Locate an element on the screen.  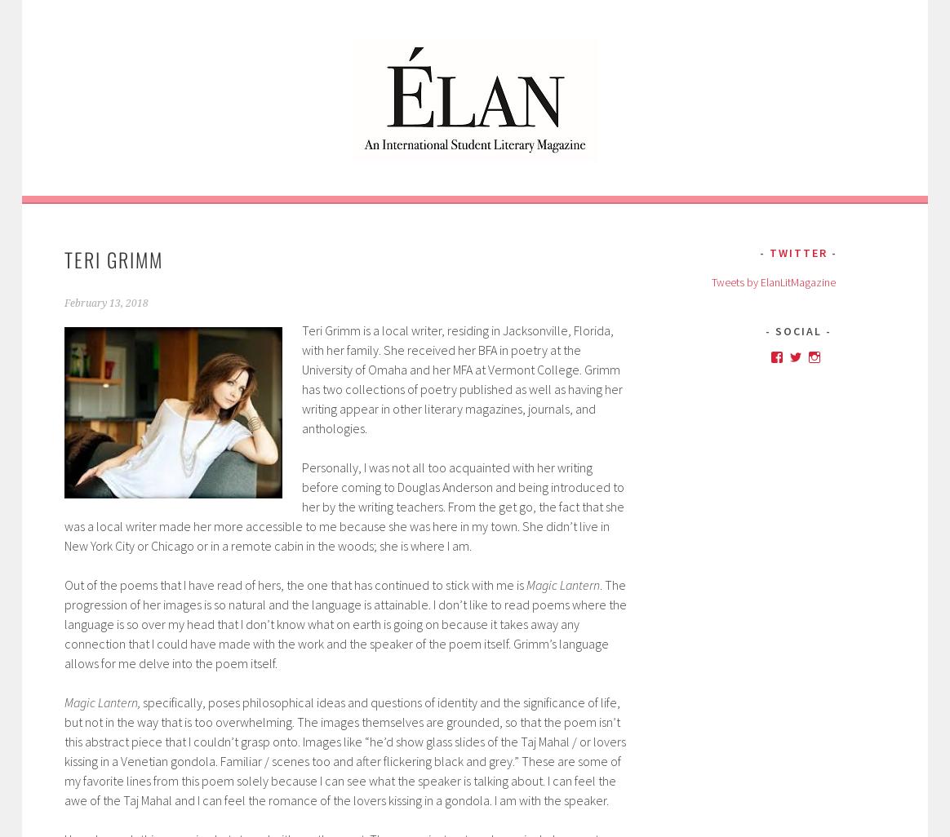
'specifically, poses philosophical ideas and questions of identity and the significance of life, but not in the way that is too overwhelming. The images themselves are grounded, so that the poem isn’t this abstract piece that I couldn’t grasp onto. Images like “he’d show glass slides of the Taj Mahal / or lovers kissing in a Venetian gondola. Familiar / scenes too and after flickering black and grey.” These are some of my favorite lines from this poem solely because I can see what the speaker is talking about. I can feel the awe of the Taj Mahal and I can feel the romance of the lovers kissing in a gondola. I am with the speaker.' is located at coordinates (344, 750).